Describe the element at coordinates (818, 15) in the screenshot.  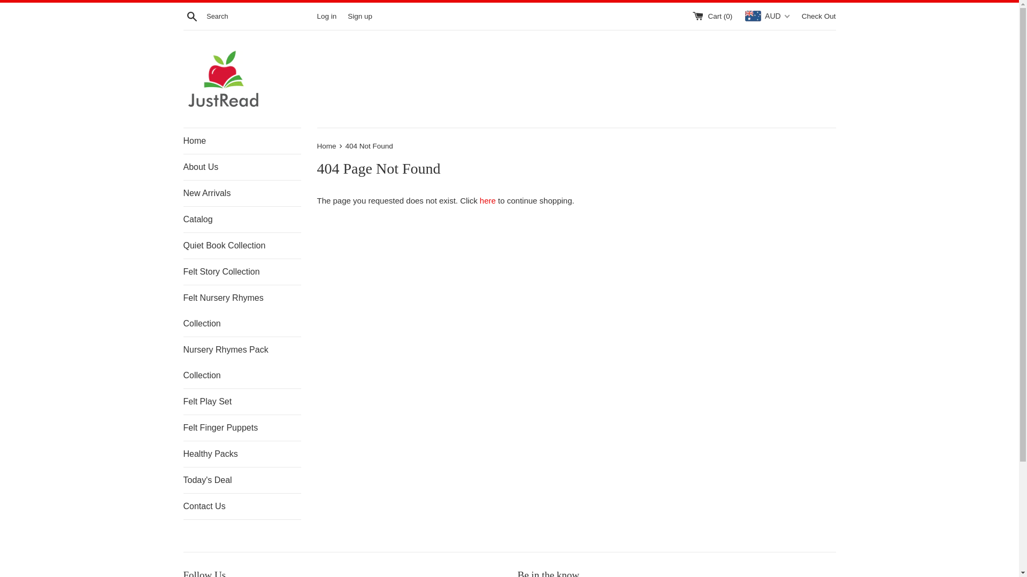
I see `'Check Out'` at that location.